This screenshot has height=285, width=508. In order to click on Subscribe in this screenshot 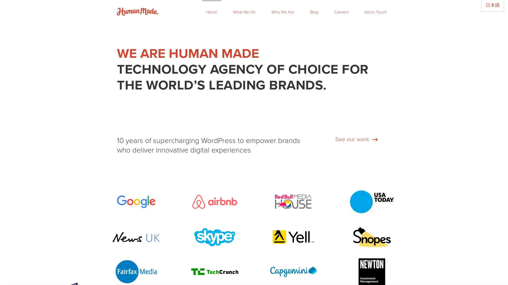, I will do `click(330, 269)`.